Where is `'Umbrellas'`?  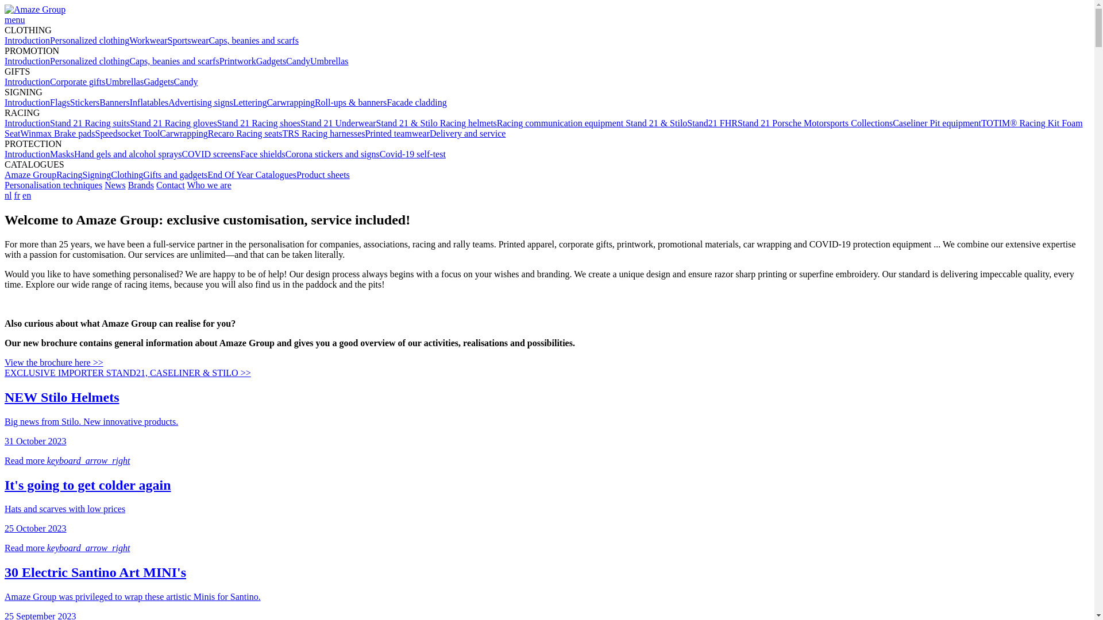
'Umbrellas' is located at coordinates (329, 61).